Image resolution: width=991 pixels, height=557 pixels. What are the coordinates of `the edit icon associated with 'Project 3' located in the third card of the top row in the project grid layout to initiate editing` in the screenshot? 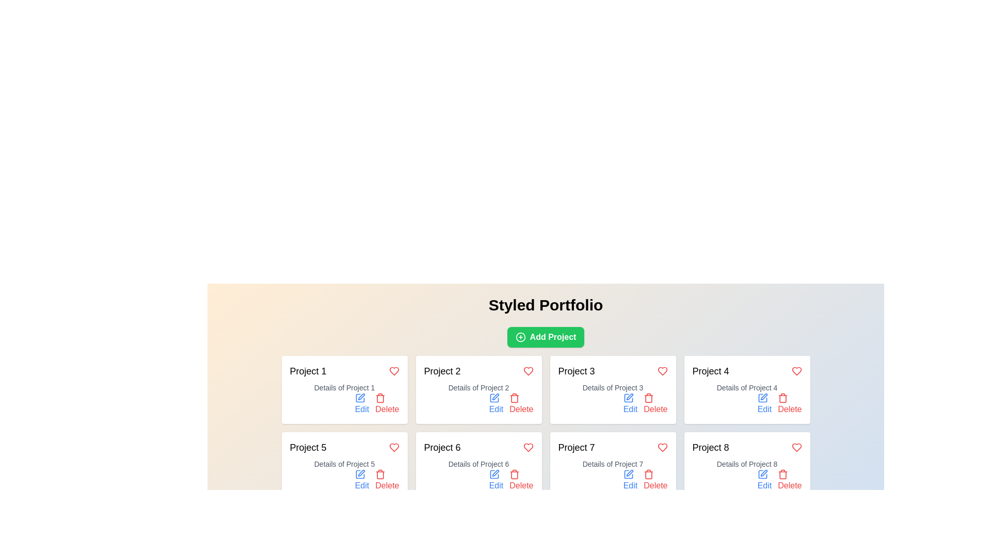 It's located at (628, 397).